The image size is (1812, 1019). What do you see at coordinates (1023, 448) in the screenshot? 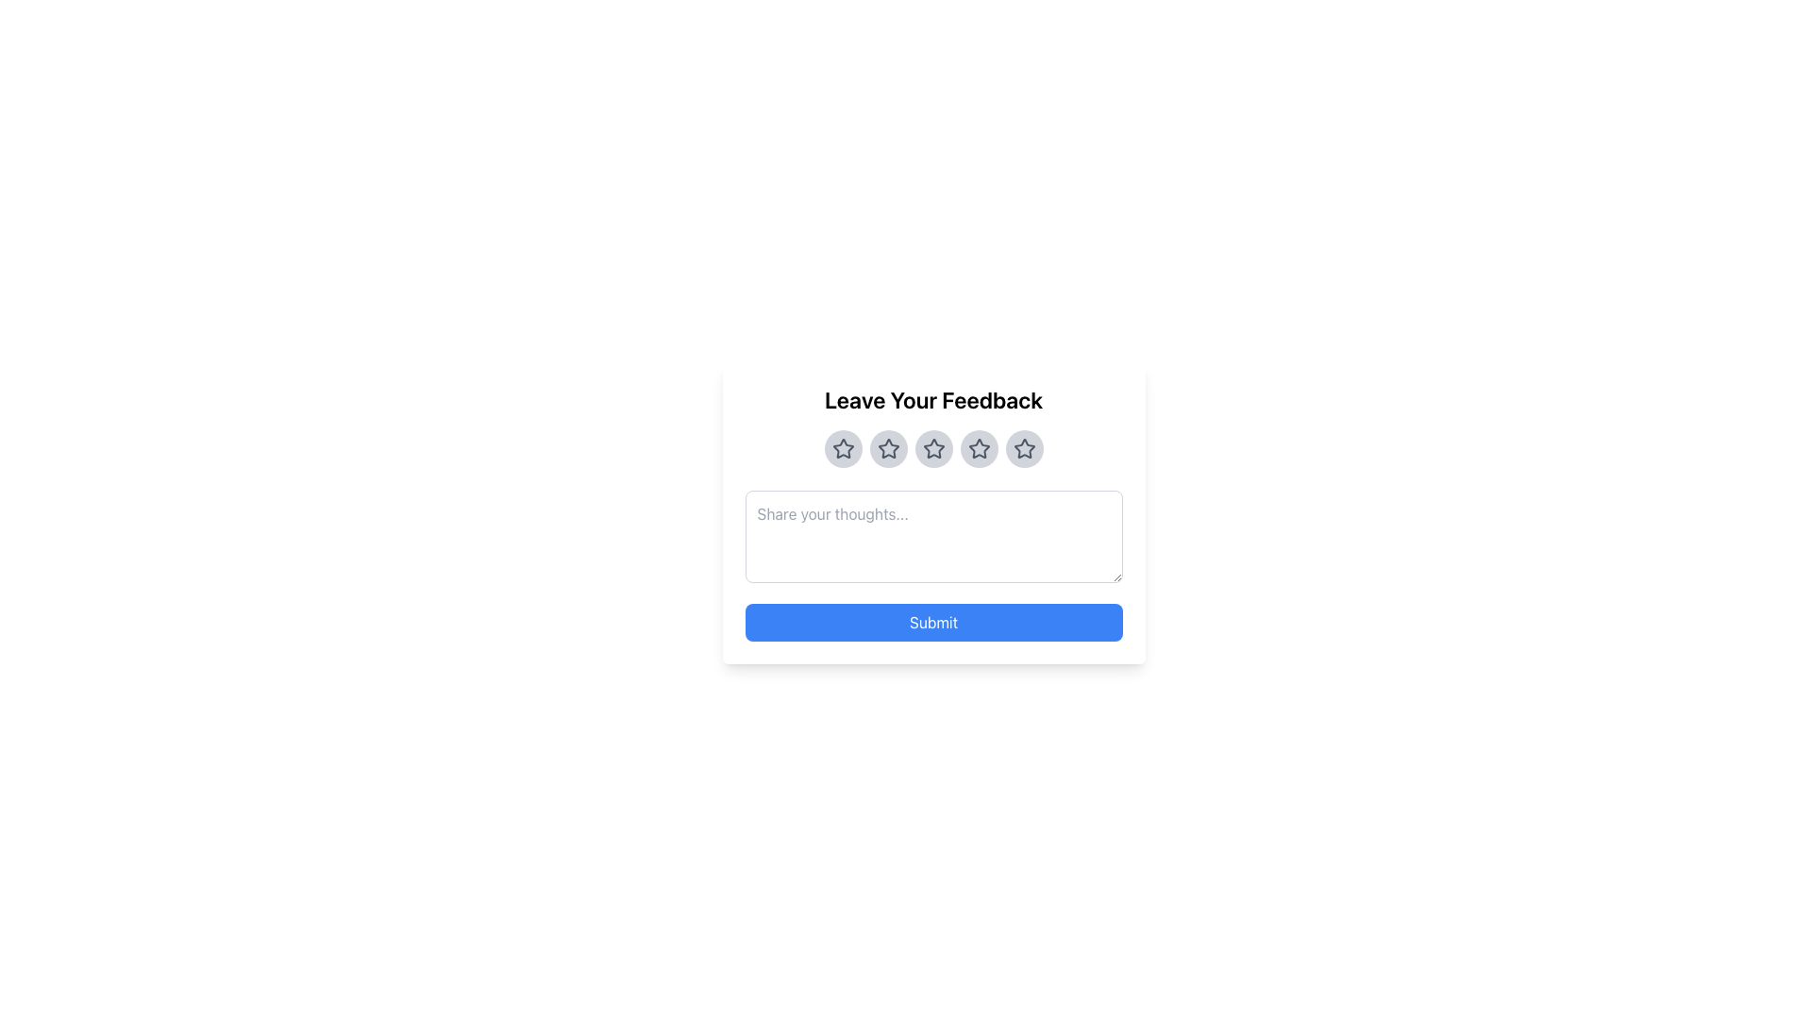
I see `the fifth star icon in the horizontal array` at bounding box center [1023, 448].